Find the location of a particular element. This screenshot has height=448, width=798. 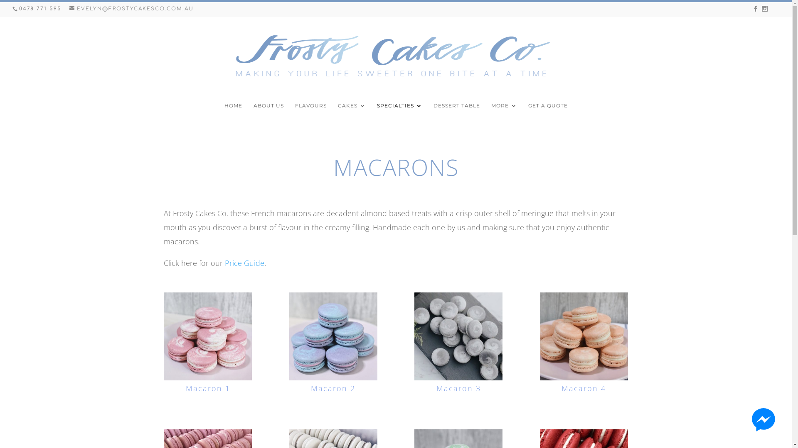

'SPECIALTIES' is located at coordinates (399, 113).